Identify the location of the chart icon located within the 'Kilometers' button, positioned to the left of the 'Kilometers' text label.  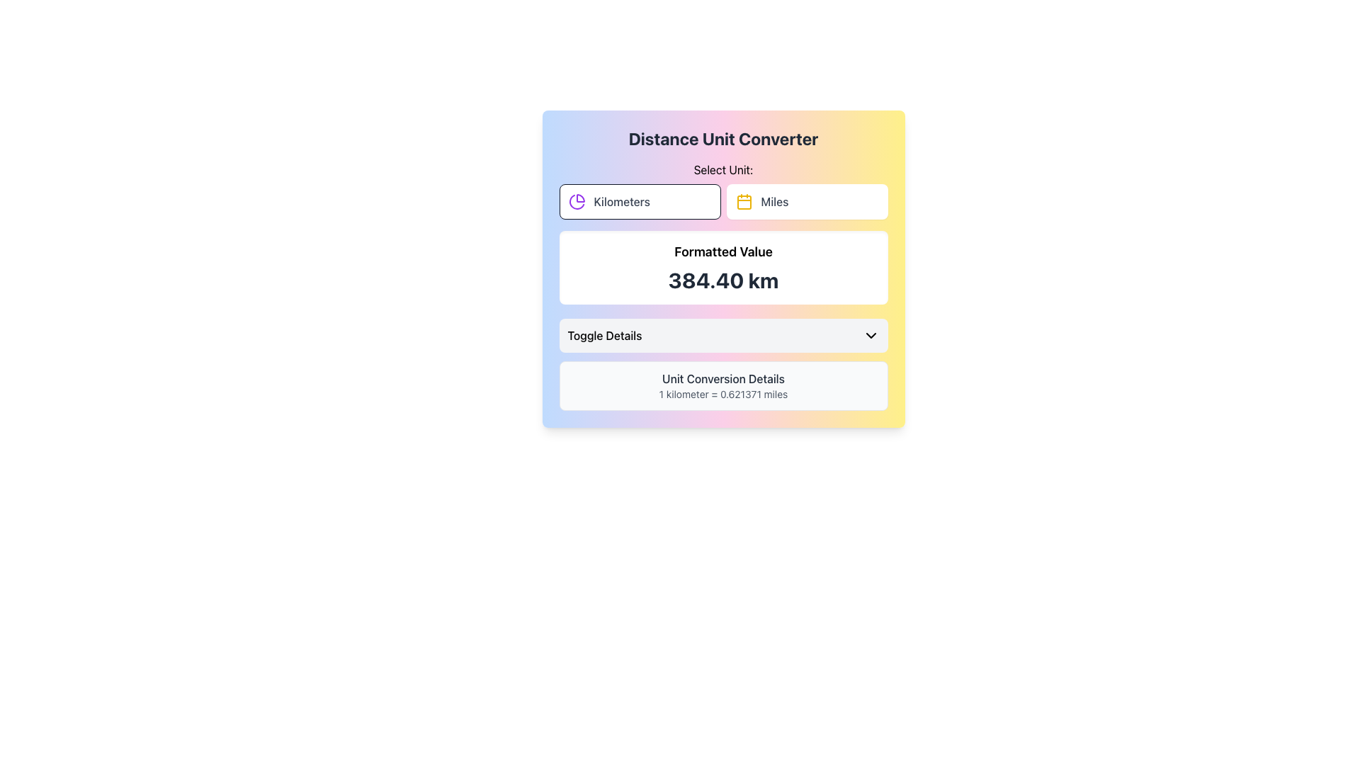
(577, 202).